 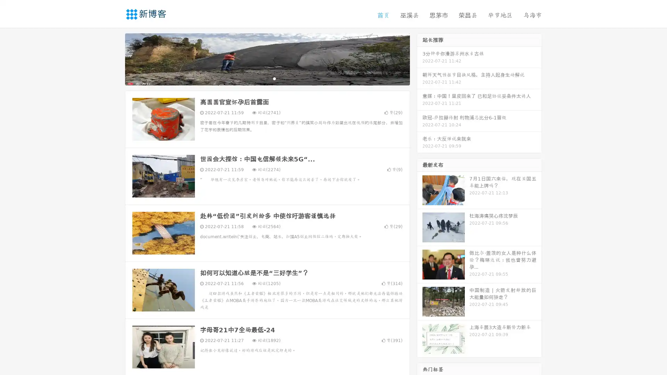 What do you see at coordinates (260, 78) in the screenshot?
I see `Go to slide 1` at bounding box center [260, 78].